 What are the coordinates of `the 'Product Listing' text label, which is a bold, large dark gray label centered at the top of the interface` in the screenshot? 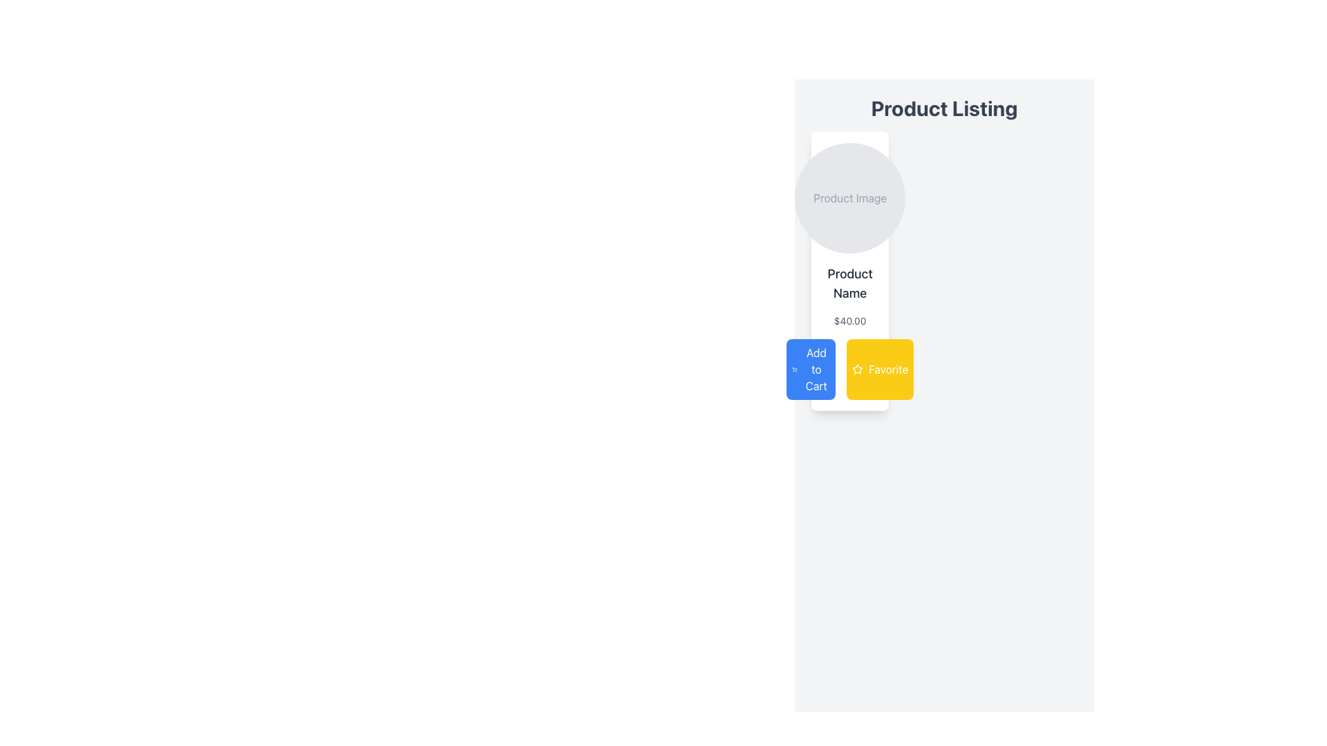 It's located at (943, 108).